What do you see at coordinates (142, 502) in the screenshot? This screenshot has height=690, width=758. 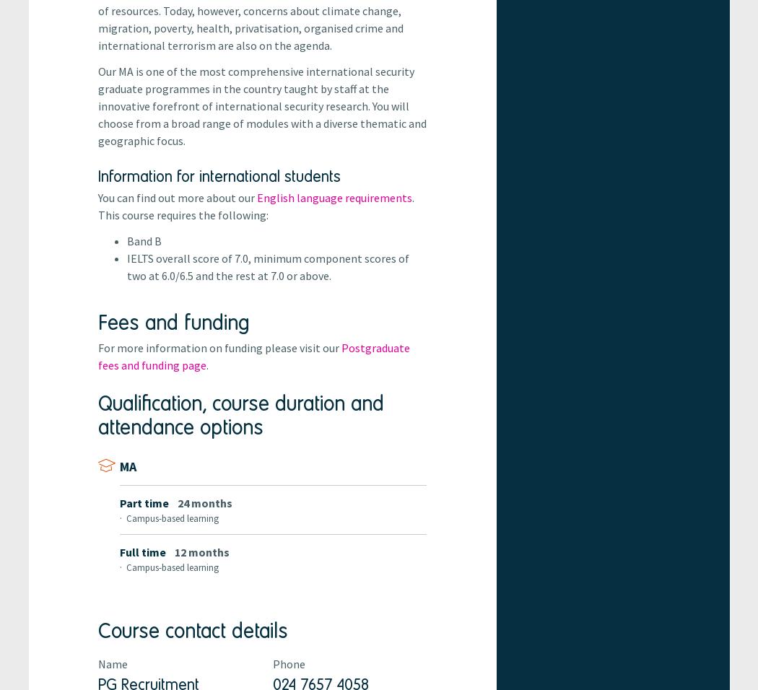 I see `'part time'` at bounding box center [142, 502].